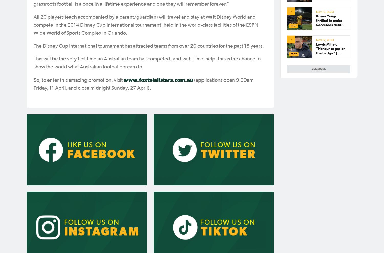  Describe the element at coordinates (146, 25) in the screenshot. I see `'All 20 players (each accompanied by a parent/guardian) will travel and stay at Walt Disney World and compete in the 2014 Disney Cup International tournament, held in the world-class facilities of the ESPN Wide World of Sports Complex in Orlando.'` at that location.